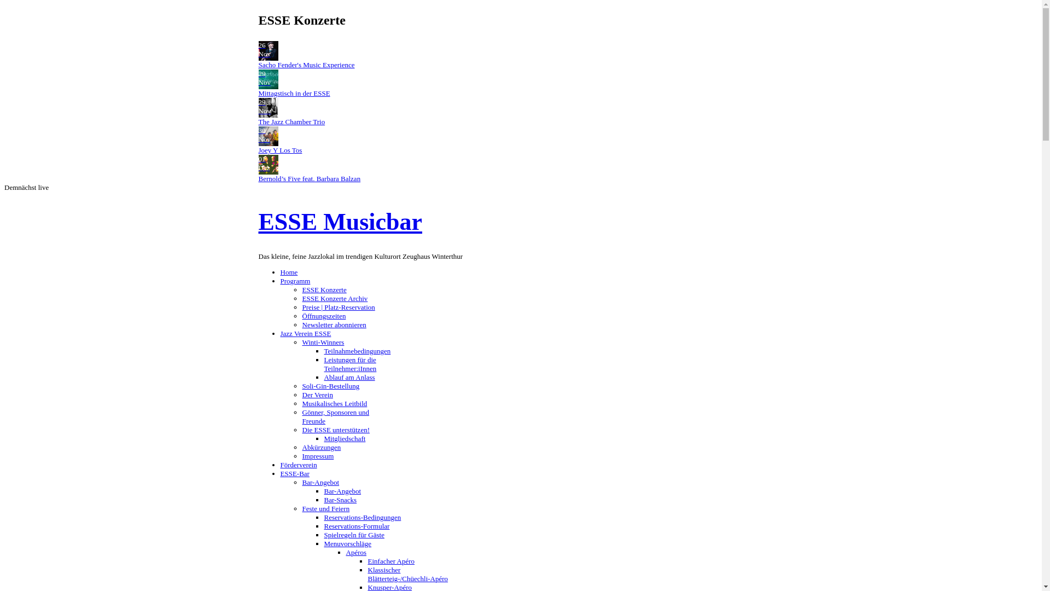 The width and height of the screenshot is (1050, 591). What do you see at coordinates (337, 307) in the screenshot?
I see `'Preise | Platz-Reservation'` at bounding box center [337, 307].